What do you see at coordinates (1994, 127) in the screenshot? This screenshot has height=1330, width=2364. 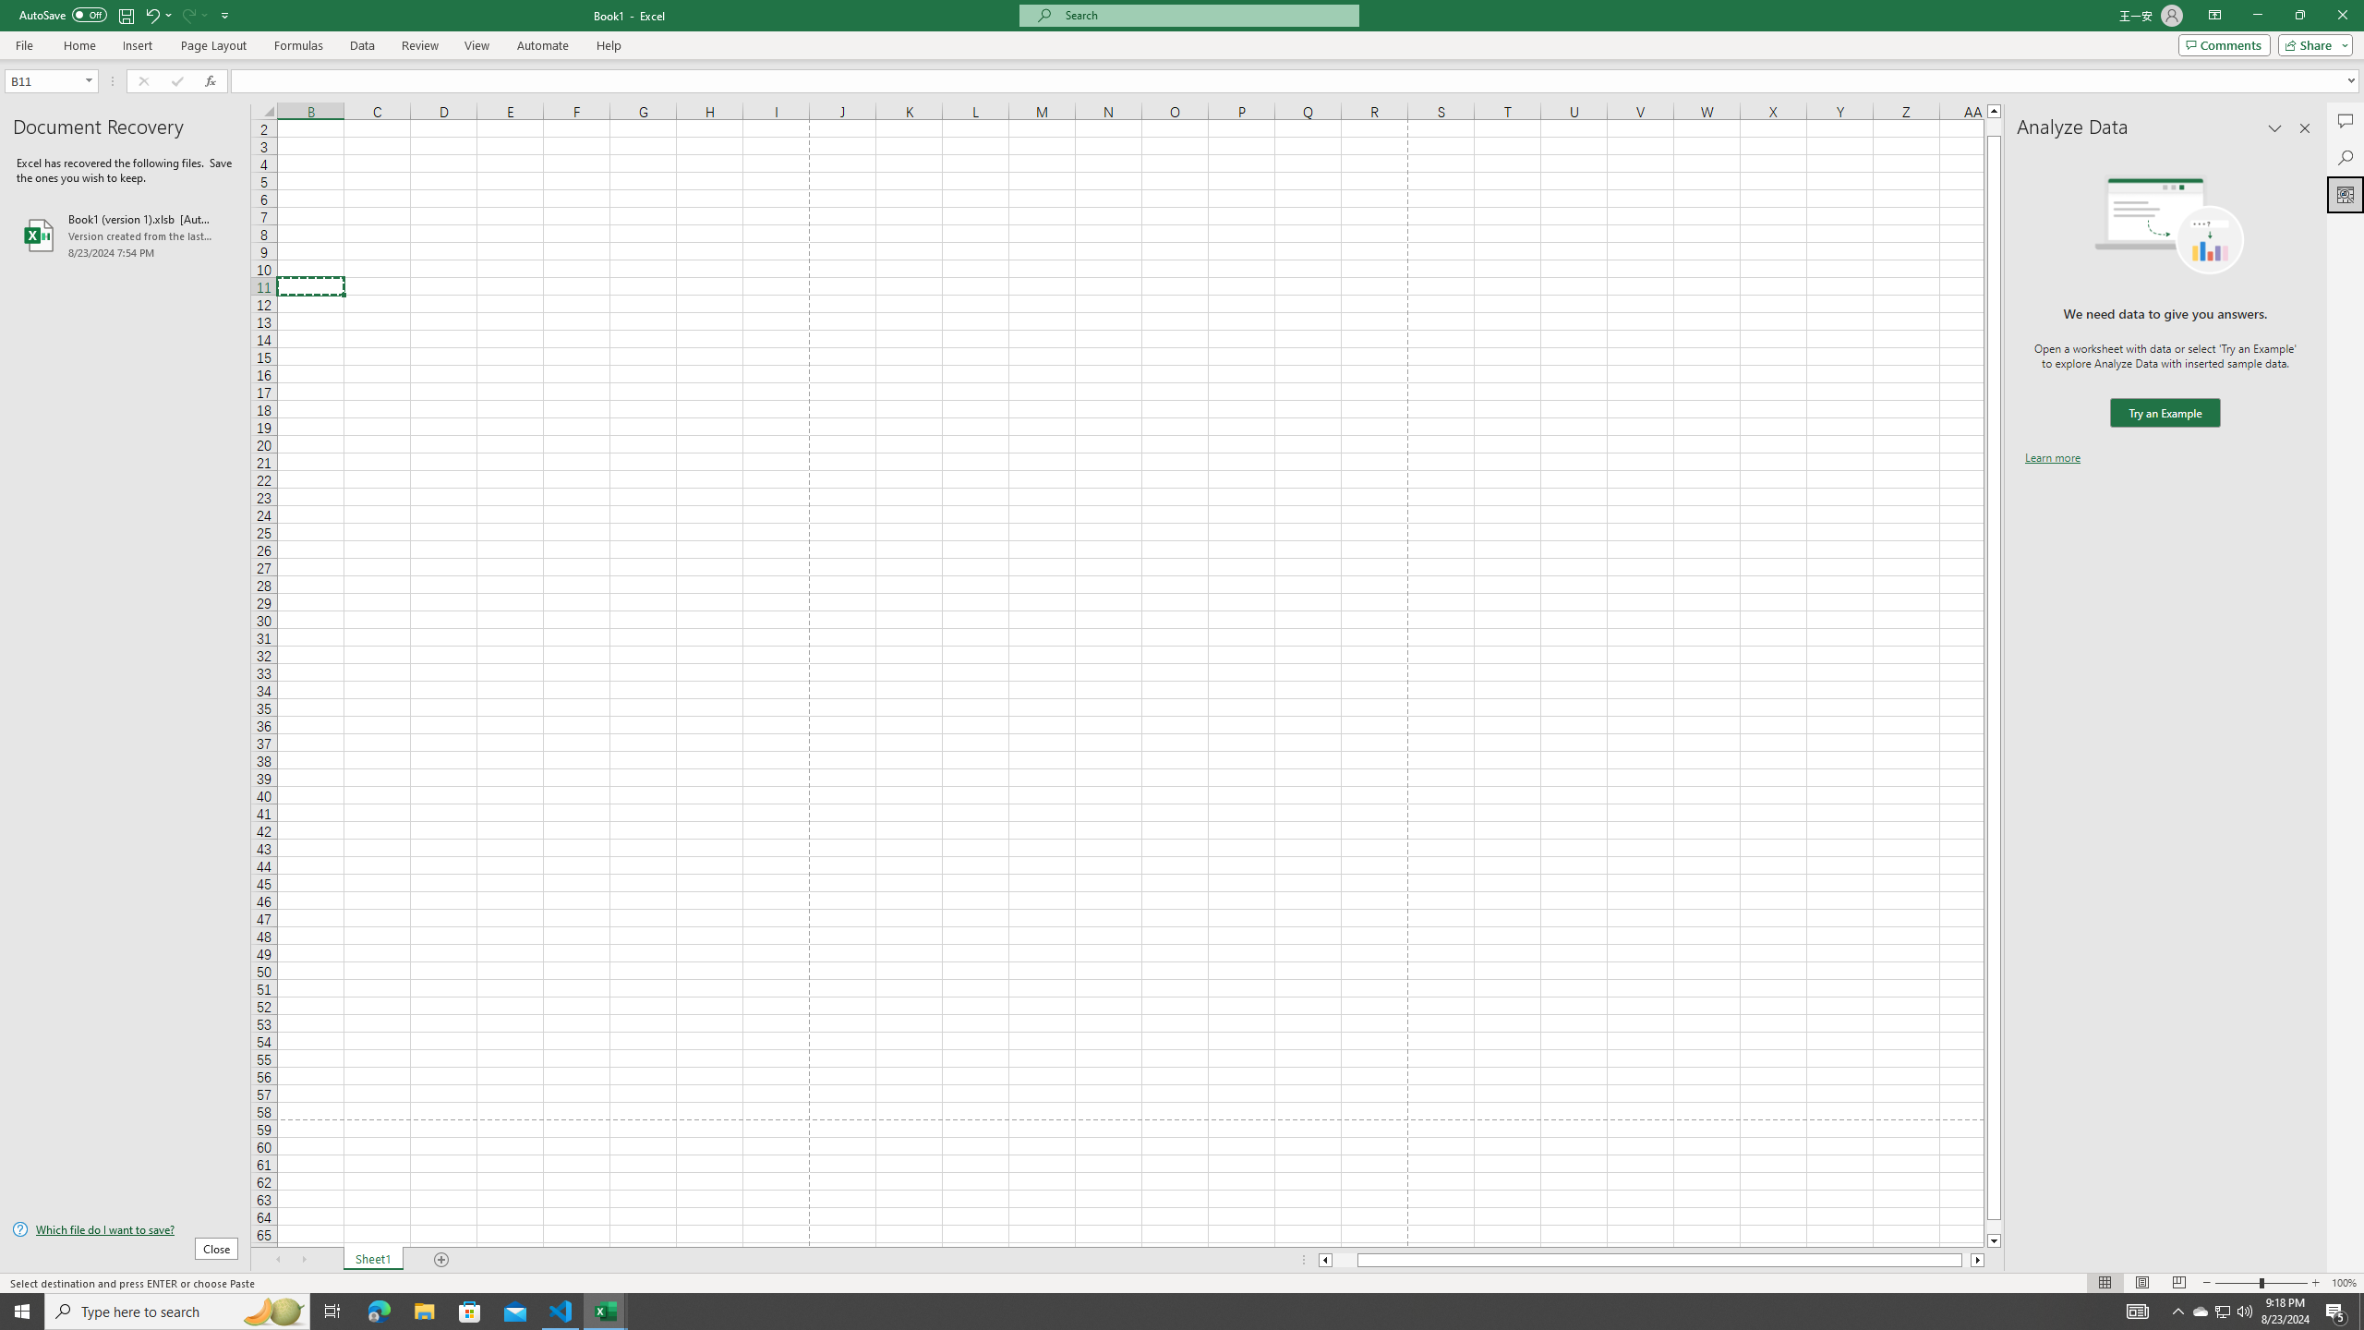 I see `'Page up'` at bounding box center [1994, 127].